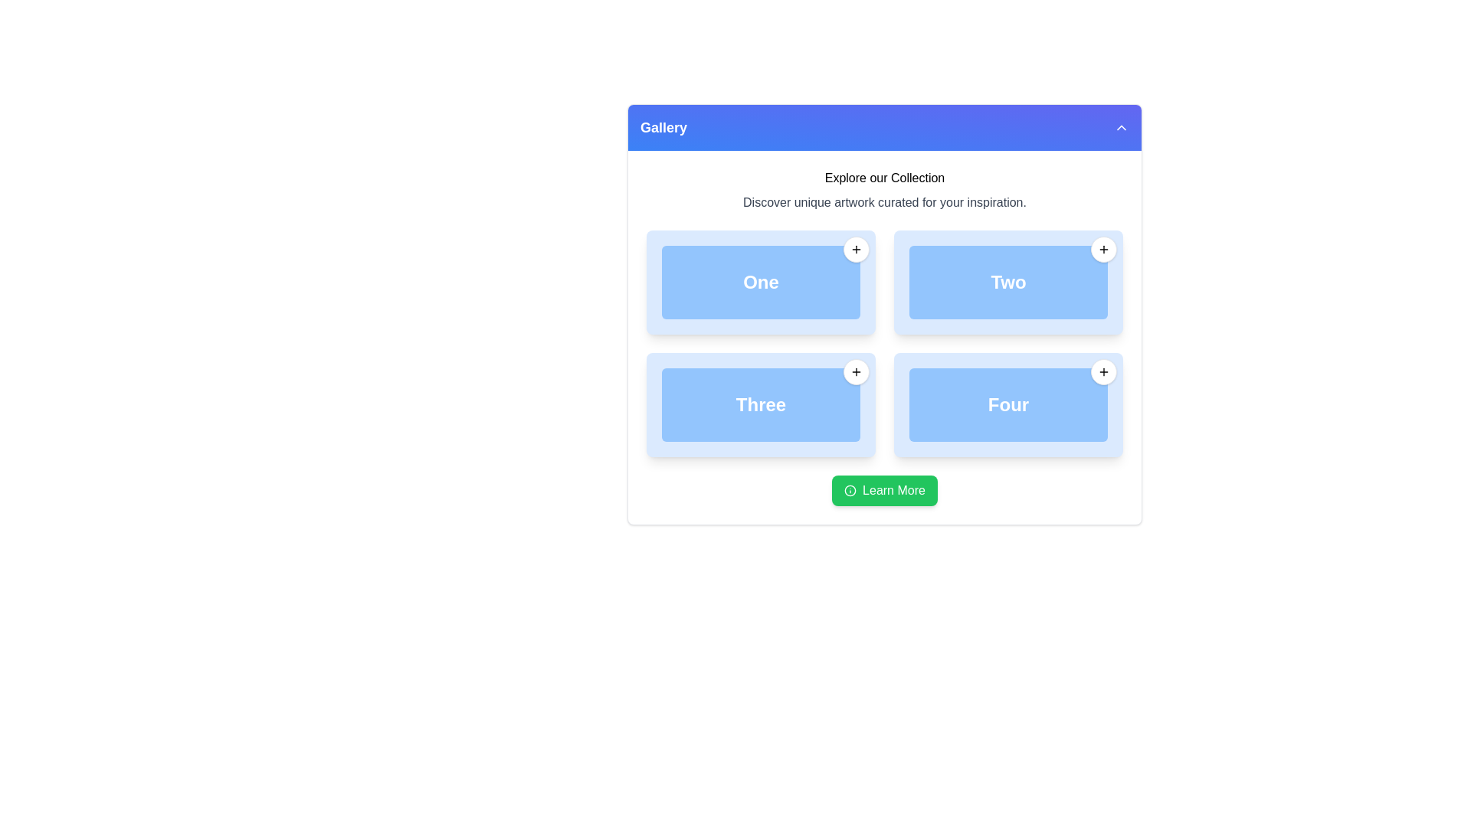 This screenshot has height=827, width=1471. I want to click on text component displaying 'Explore our Collection', which is styled in a medium size and located near the top of the interface, so click(885, 177).